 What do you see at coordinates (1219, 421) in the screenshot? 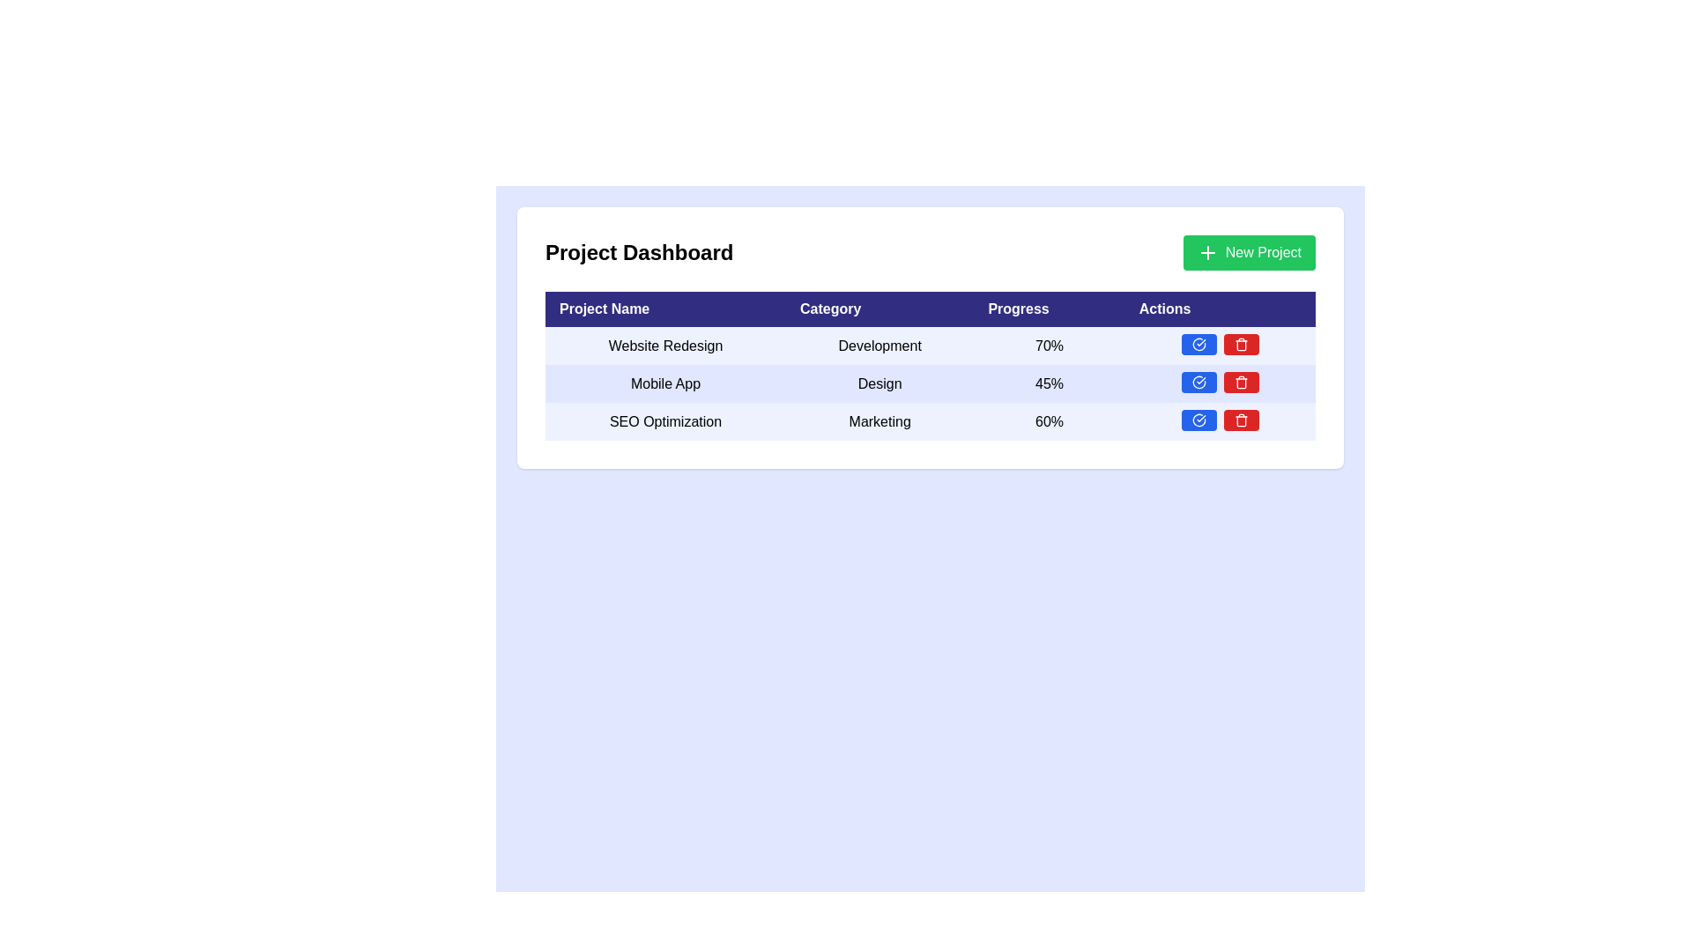
I see `the blue circular button with a checkmark icon located in the rightmost cell of the row labeled 'SEO Optimization' to mark the task as completed` at bounding box center [1219, 421].